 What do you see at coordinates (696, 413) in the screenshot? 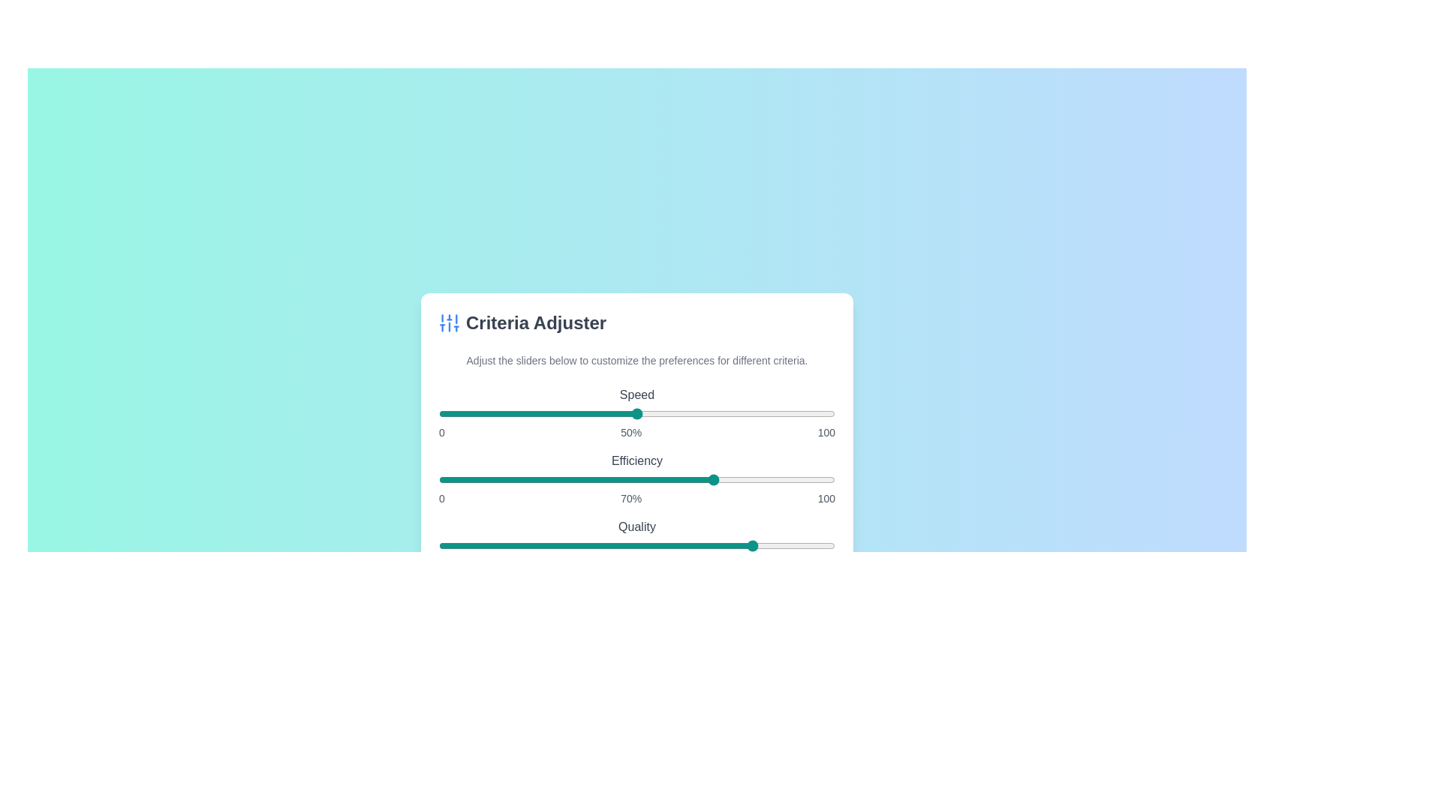
I see `the 'Speed' slider to 65%` at bounding box center [696, 413].